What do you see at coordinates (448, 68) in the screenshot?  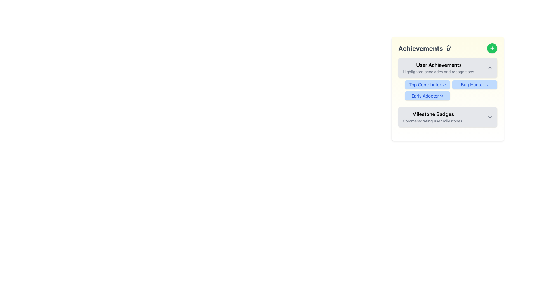 I see `the 'User Achievements' collapsible header section` at bounding box center [448, 68].